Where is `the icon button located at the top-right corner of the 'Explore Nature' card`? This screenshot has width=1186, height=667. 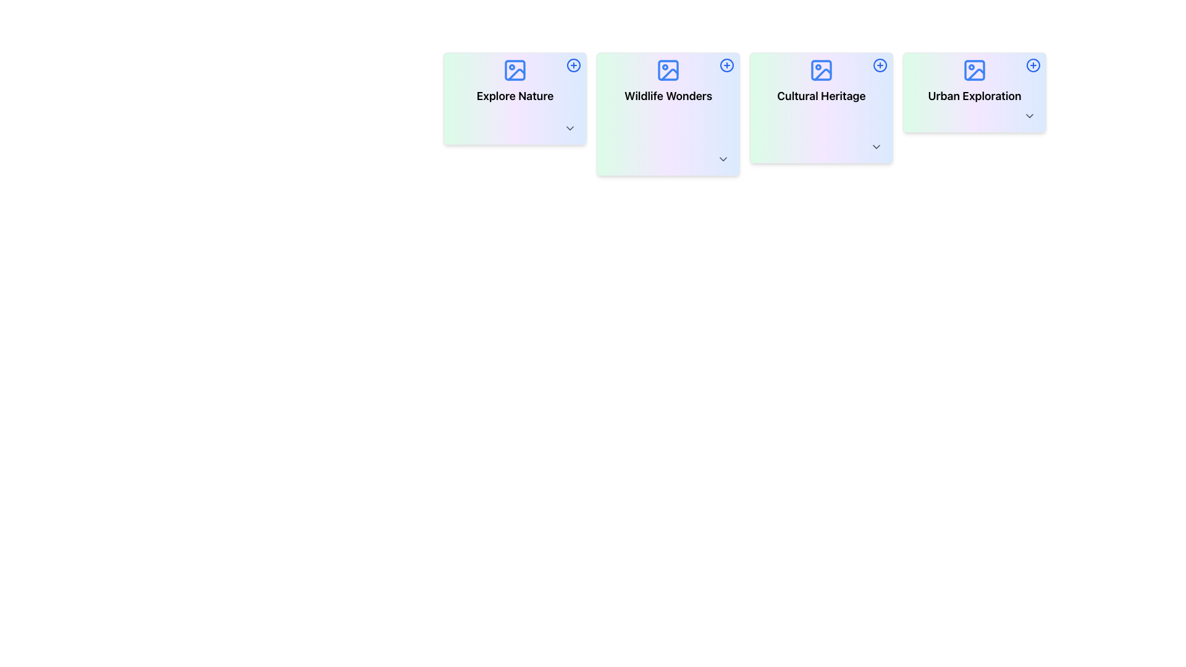
the icon button located at the top-right corner of the 'Explore Nature' card is located at coordinates (573, 65).